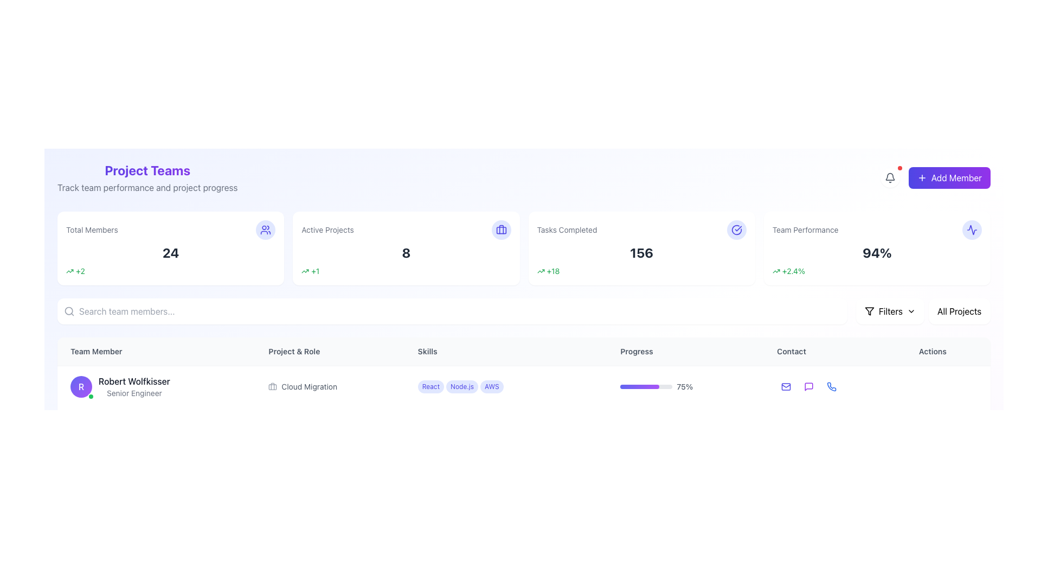  What do you see at coordinates (147, 187) in the screenshot?
I see `the informative text element located directly beneath the 'Project Teams' heading, which provides additional context about the section` at bounding box center [147, 187].